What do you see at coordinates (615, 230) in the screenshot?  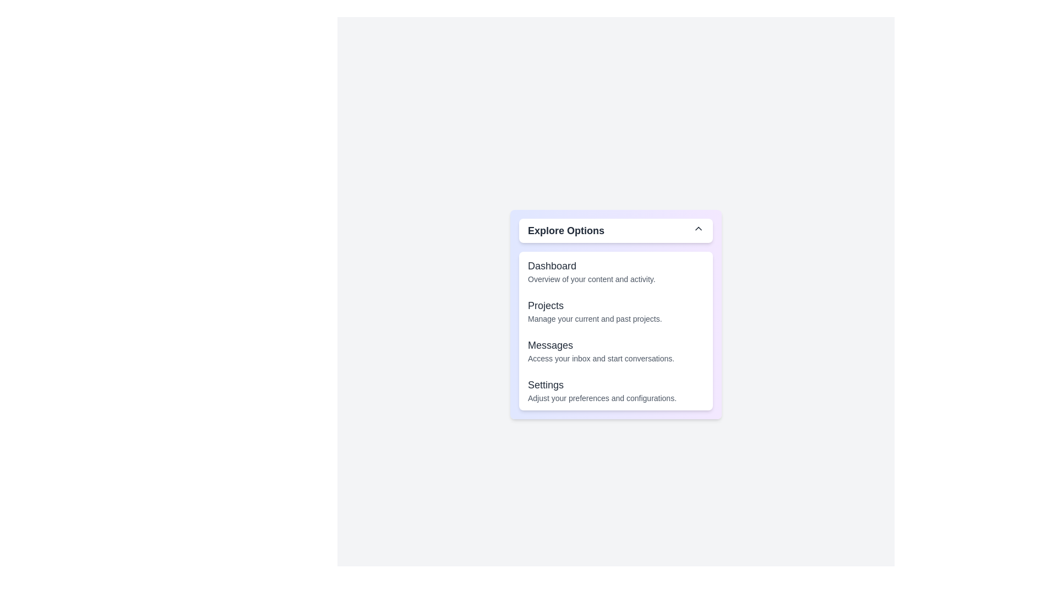 I see `the dropdown button to toggle the menu visibility` at bounding box center [615, 230].